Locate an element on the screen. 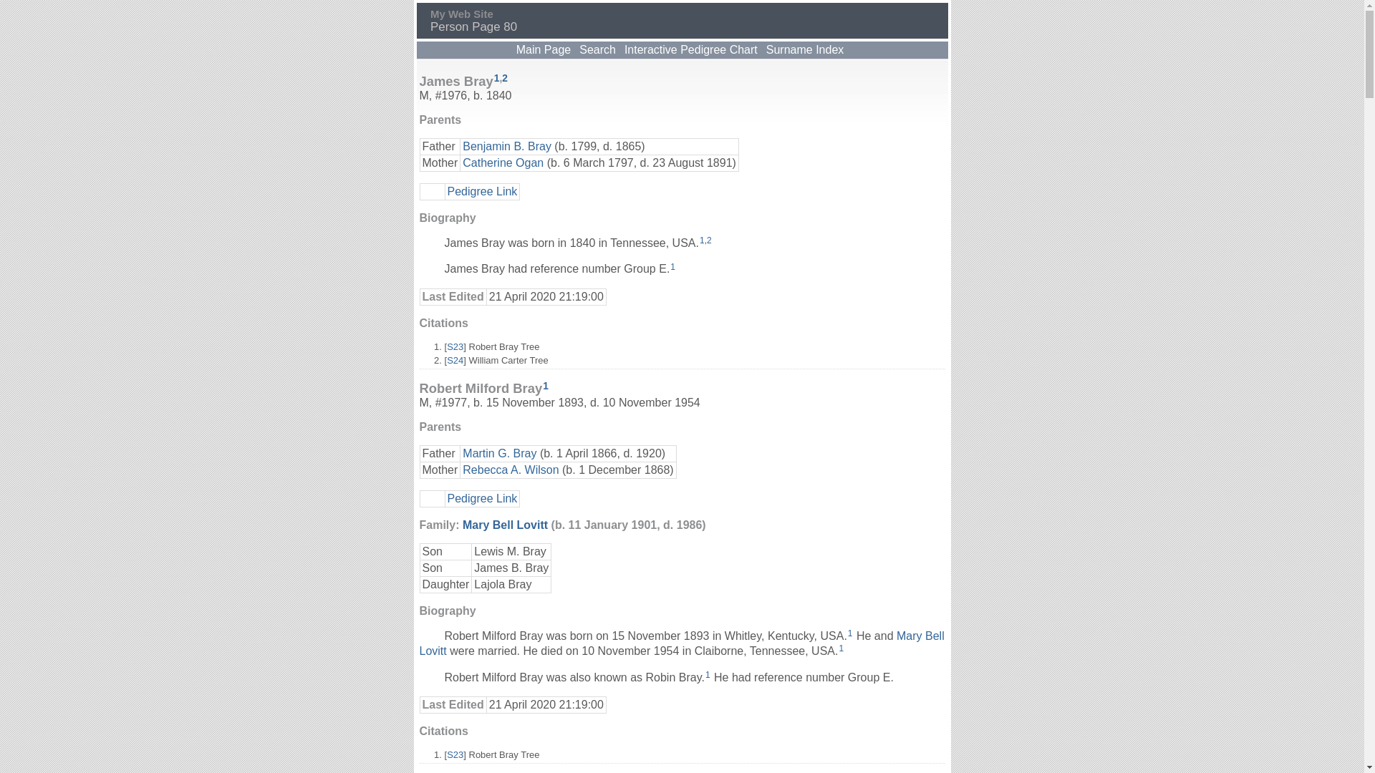 This screenshot has width=1375, height=773. 'S24' is located at coordinates (454, 359).